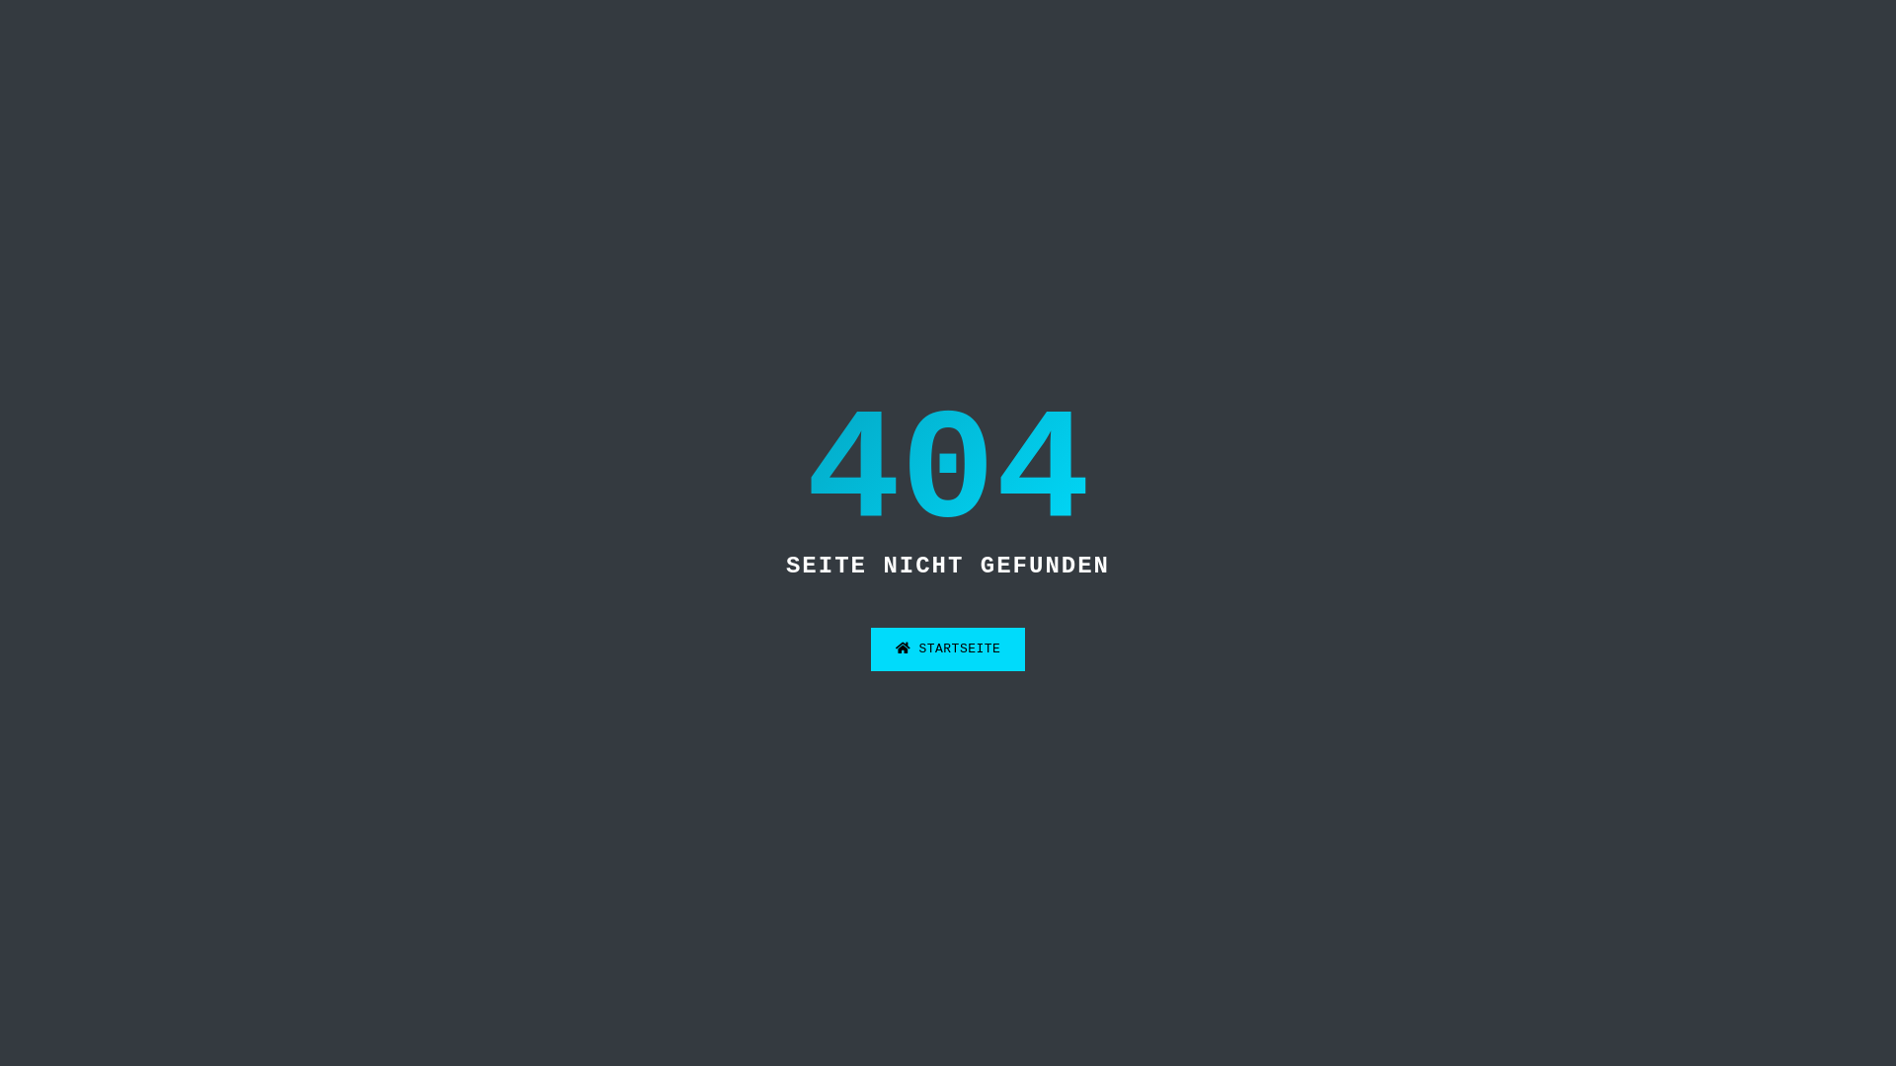 Image resolution: width=1896 pixels, height=1066 pixels. I want to click on 'STARTSEITE', so click(948, 649).